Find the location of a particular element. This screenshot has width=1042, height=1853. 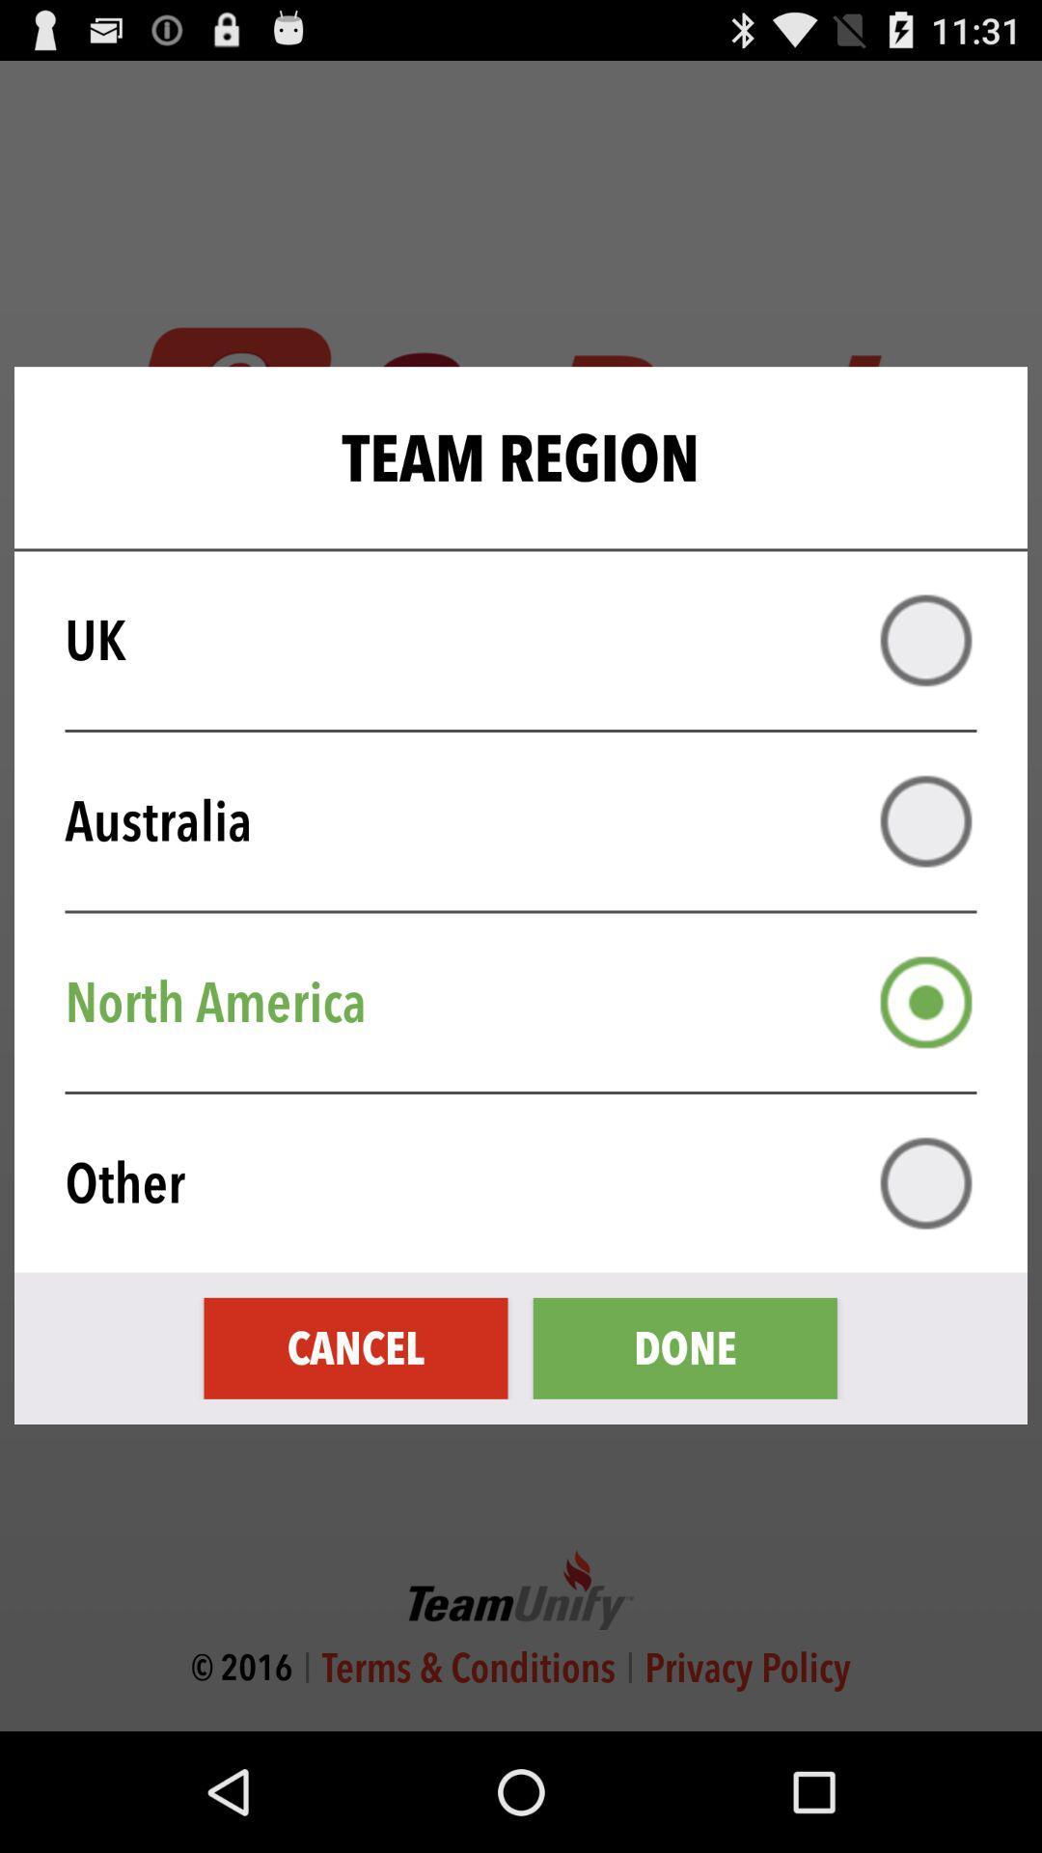

icon below the other item is located at coordinates (356, 1347).